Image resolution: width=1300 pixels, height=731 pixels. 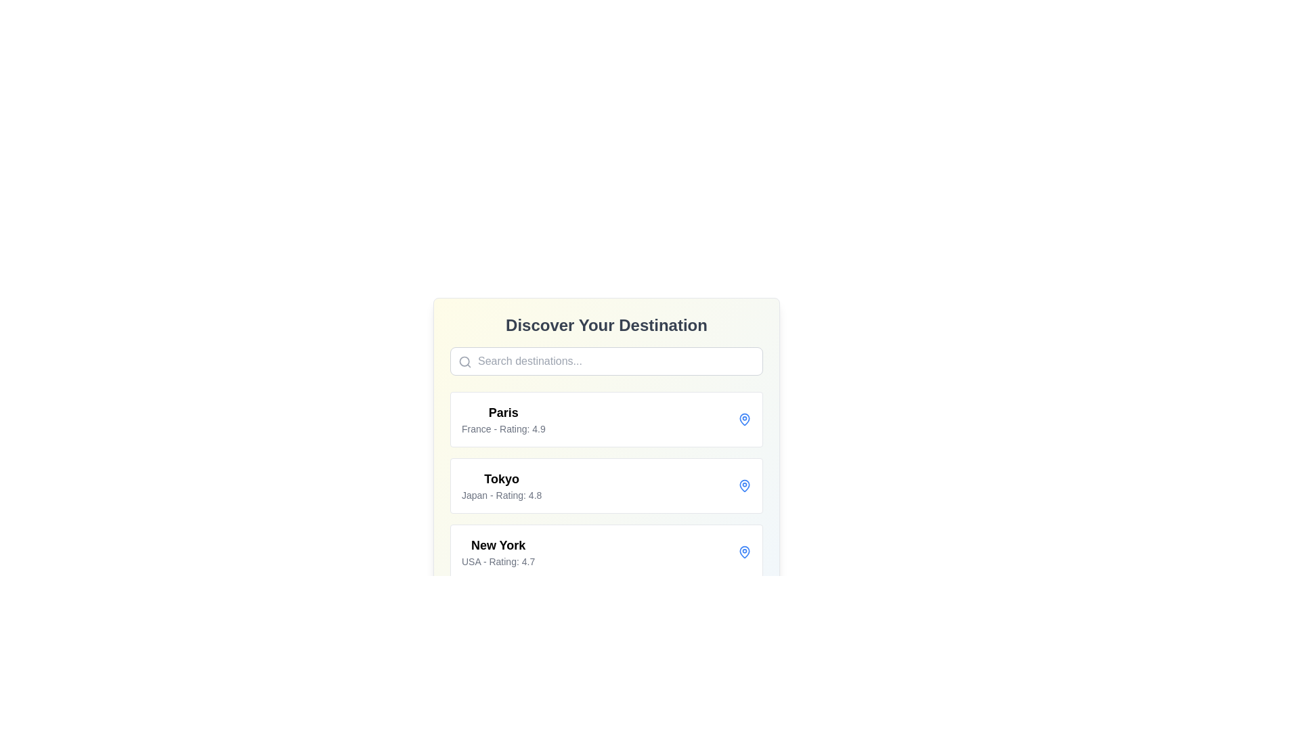 I want to click on the text label displaying 'Paris', which is styled in a bold, large font and located prominently at the top of its destination group, so click(x=502, y=412).